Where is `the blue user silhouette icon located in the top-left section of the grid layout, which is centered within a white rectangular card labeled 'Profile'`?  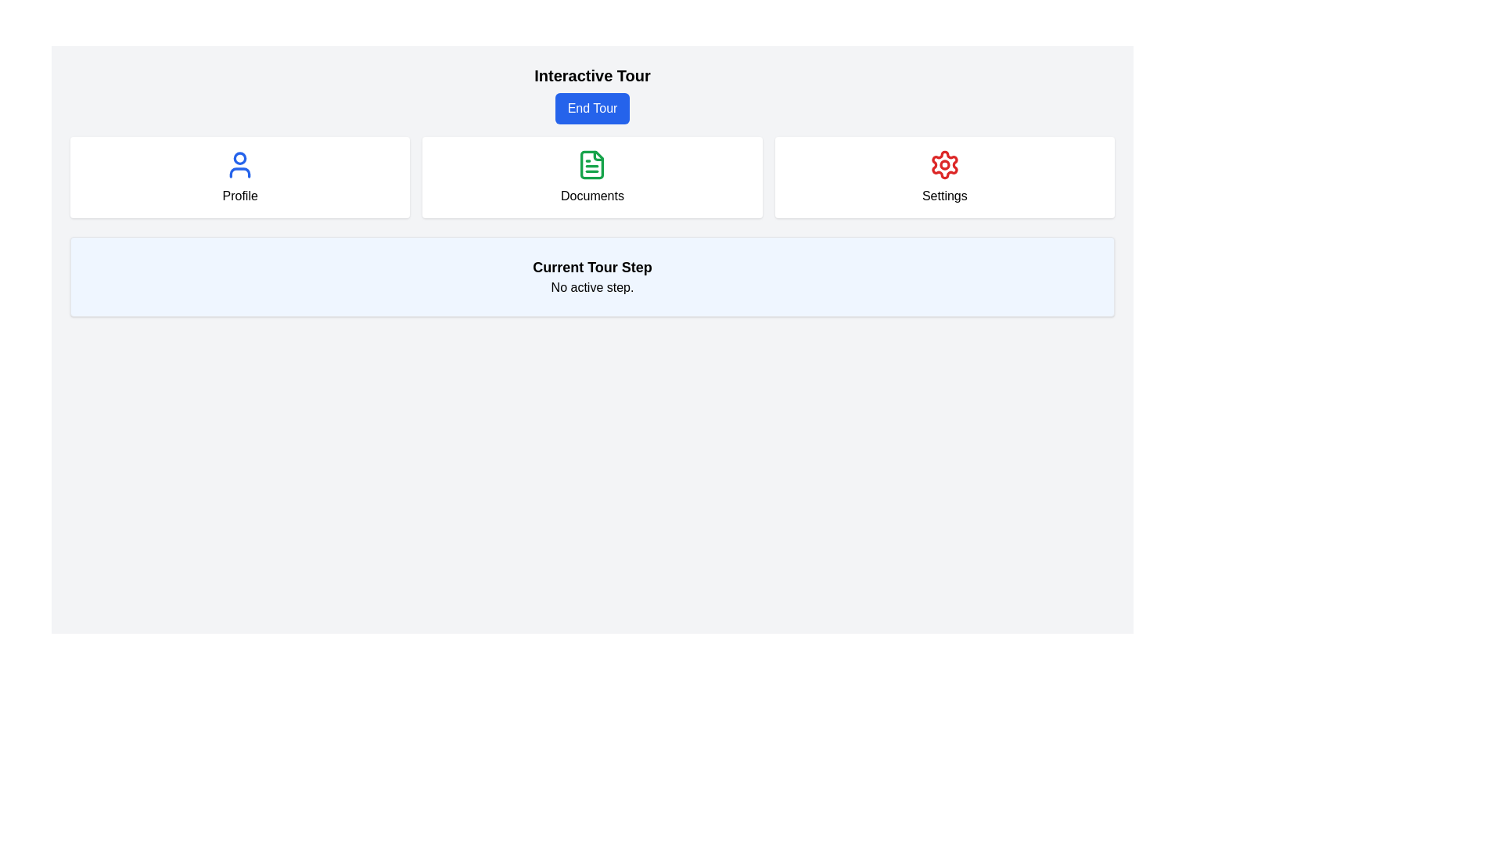 the blue user silhouette icon located in the top-left section of the grid layout, which is centered within a white rectangular card labeled 'Profile' is located at coordinates (239, 165).